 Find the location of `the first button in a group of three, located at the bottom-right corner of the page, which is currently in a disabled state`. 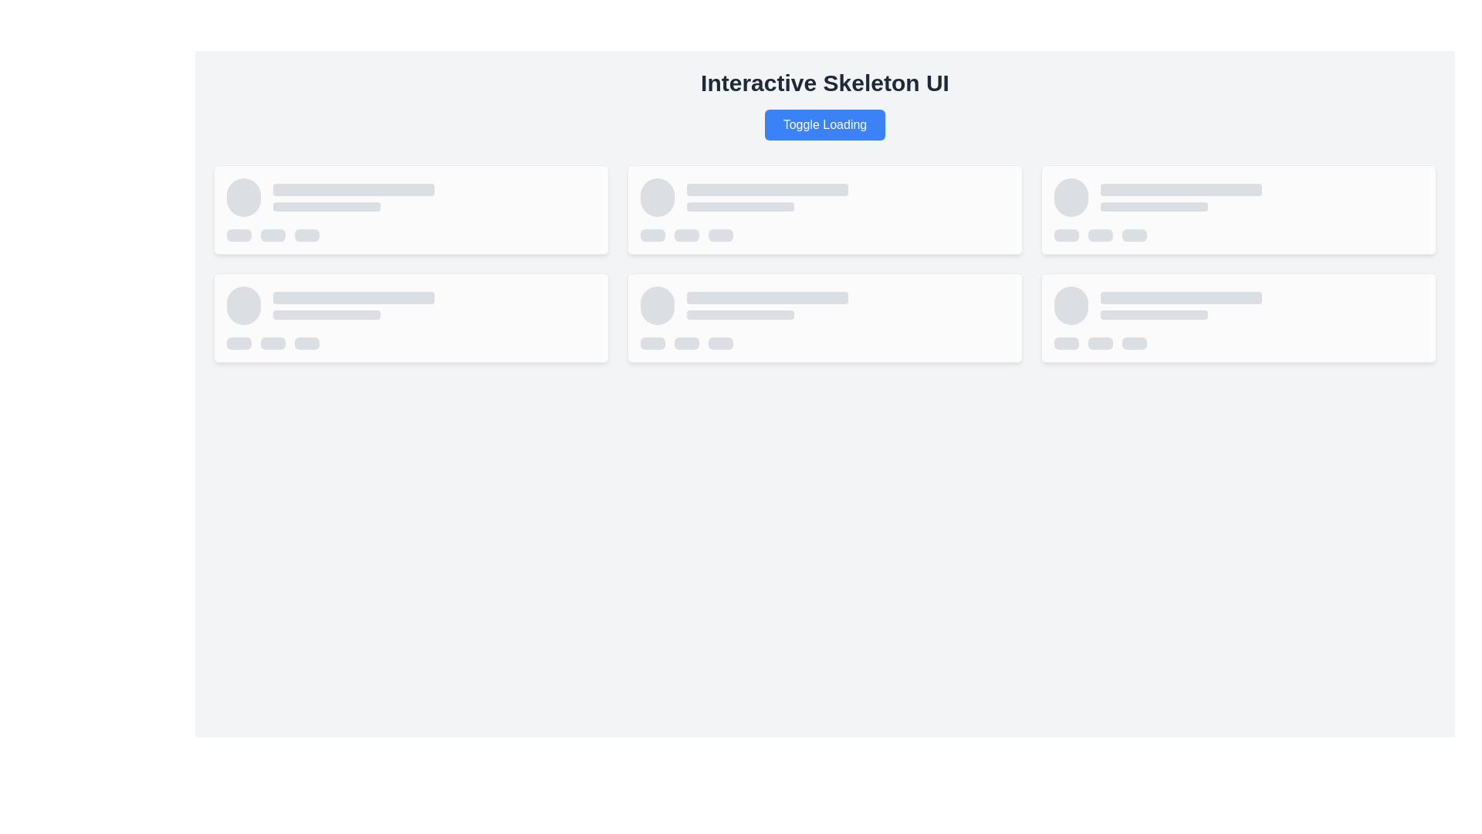

the first button in a group of three, located at the bottom-right corner of the page, which is currently in a disabled state is located at coordinates (1066, 342).